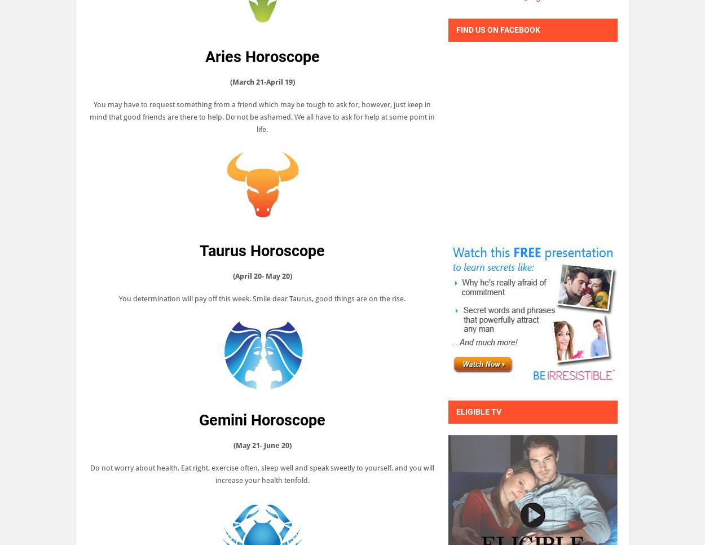 The image size is (705, 545). Describe the element at coordinates (262, 473) in the screenshot. I see `'Do not worry about health. Eat right, exercise often, sleep well and speak sweetly to yourself, and you will increase your health tenfold.'` at that location.